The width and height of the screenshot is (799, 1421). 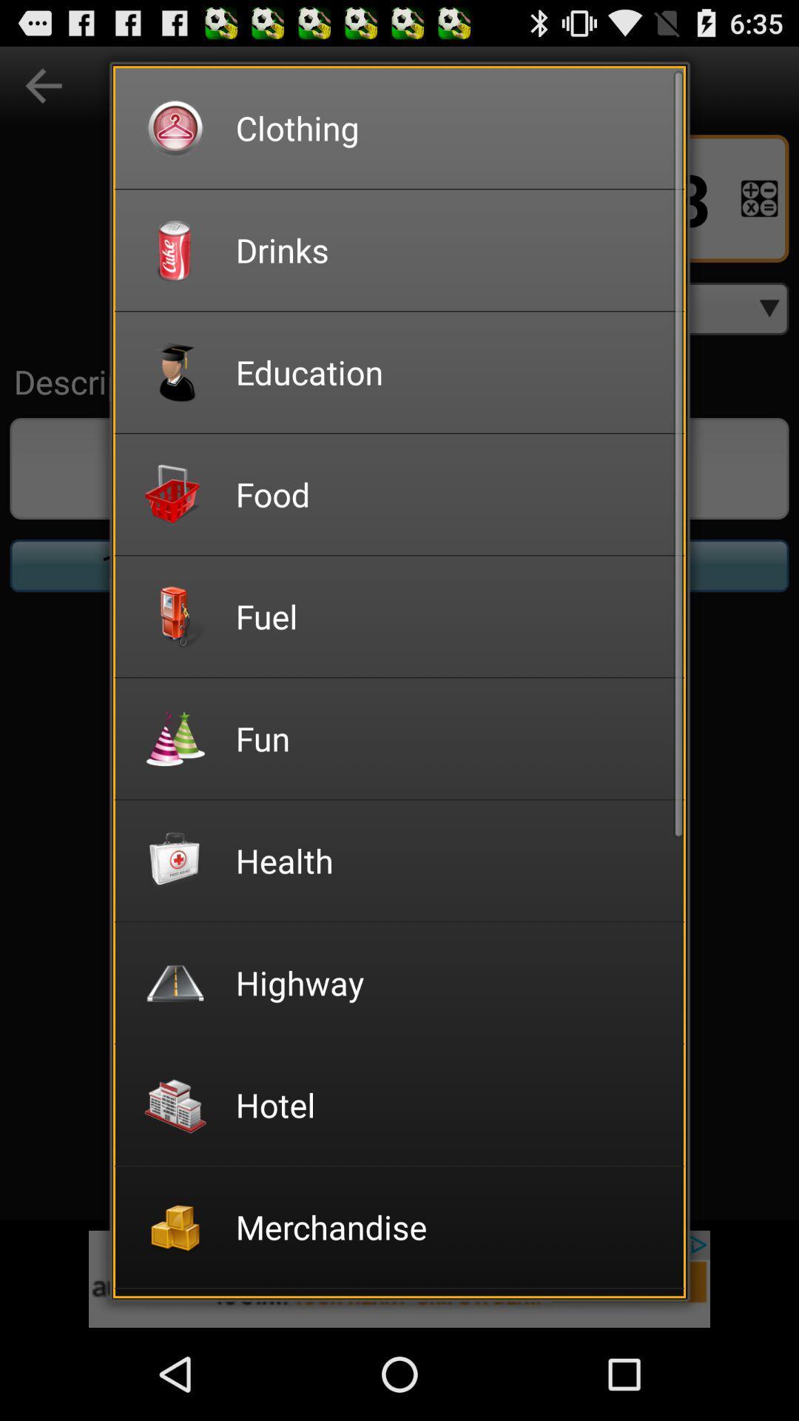 I want to click on health icon, so click(x=449, y=860).